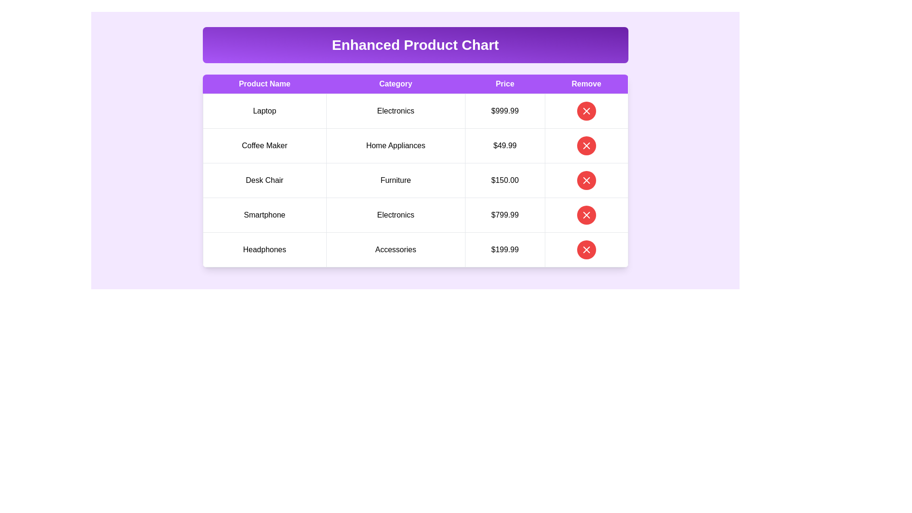 The height and width of the screenshot is (513, 912). What do you see at coordinates (586, 111) in the screenshot?
I see `the red circular icon button in the 'Remove' column of the product list table for the 'Laptop' item` at bounding box center [586, 111].